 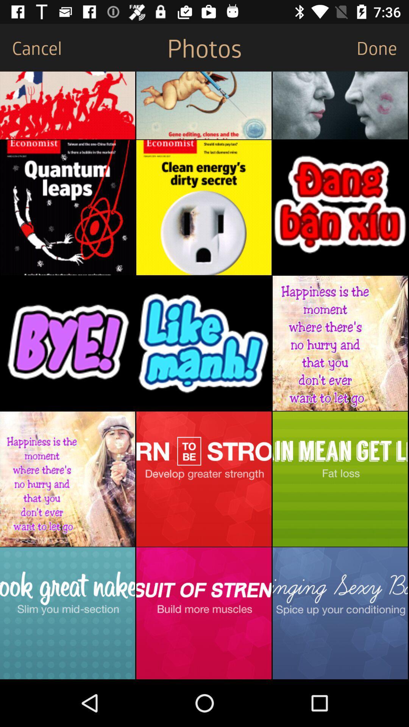 What do you see at coordinates (340, 105) in the screenshot?
I see `photo` at bounding box center [340, 105].